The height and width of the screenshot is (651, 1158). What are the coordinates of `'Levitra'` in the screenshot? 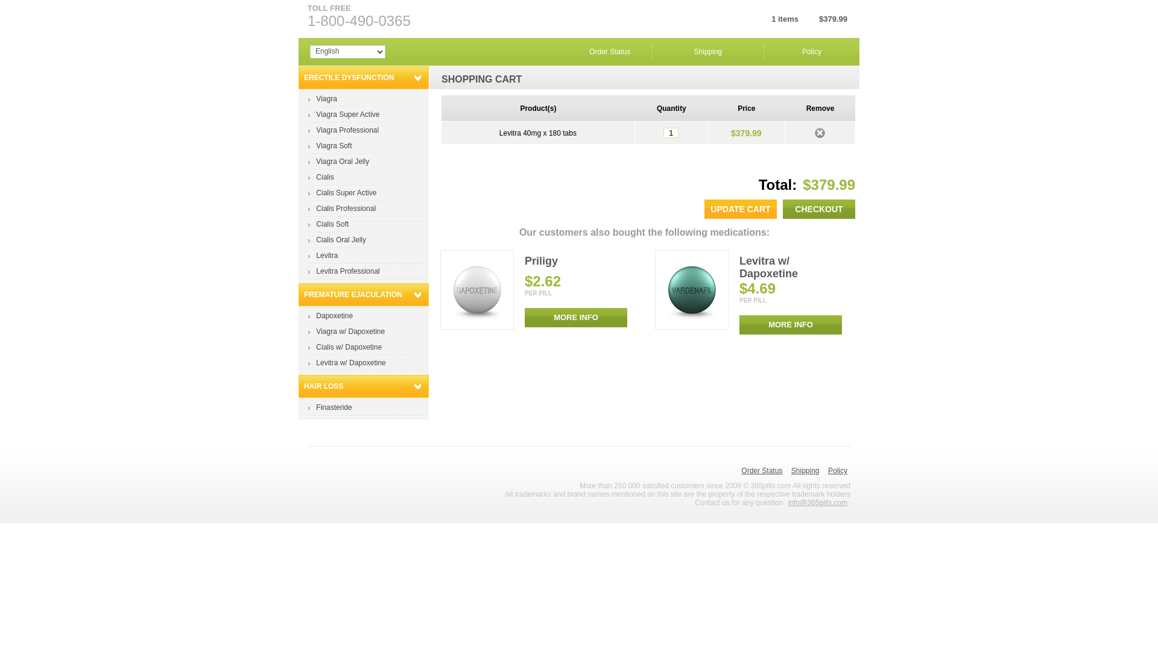 It's located at (327, 255).